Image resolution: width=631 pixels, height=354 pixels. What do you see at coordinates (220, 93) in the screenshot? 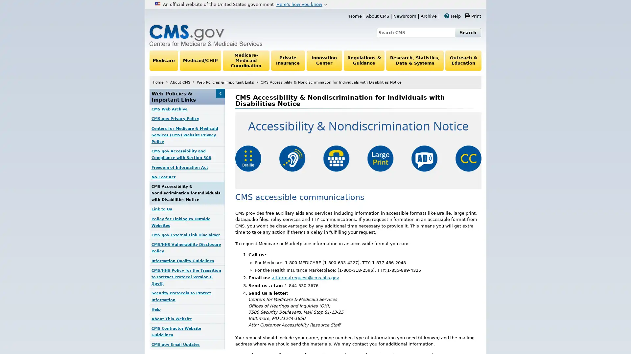
I see `Web Policies & Important Links` at bounding box center [220, 93].